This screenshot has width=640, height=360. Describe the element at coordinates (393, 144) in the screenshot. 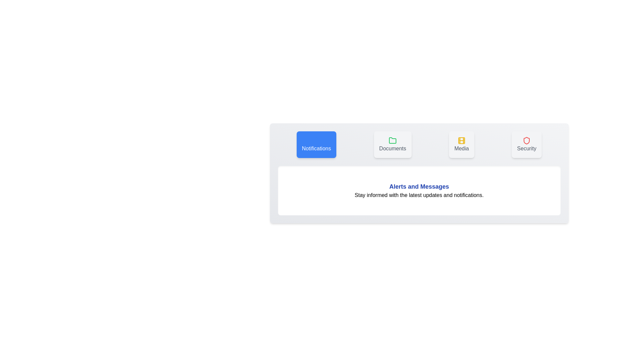

I see `the tab labeled Documents` at that location.